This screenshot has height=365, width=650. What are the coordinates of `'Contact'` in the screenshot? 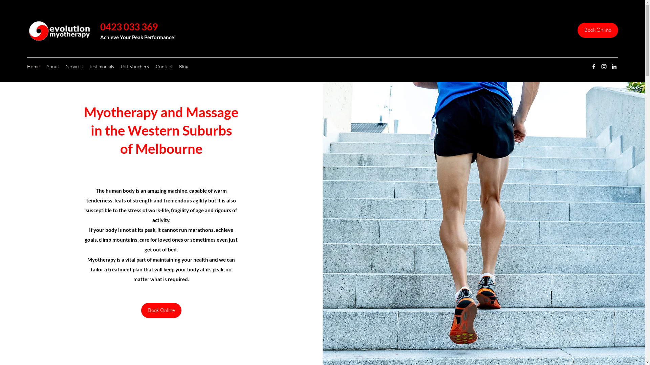 It's located at (164, 66).